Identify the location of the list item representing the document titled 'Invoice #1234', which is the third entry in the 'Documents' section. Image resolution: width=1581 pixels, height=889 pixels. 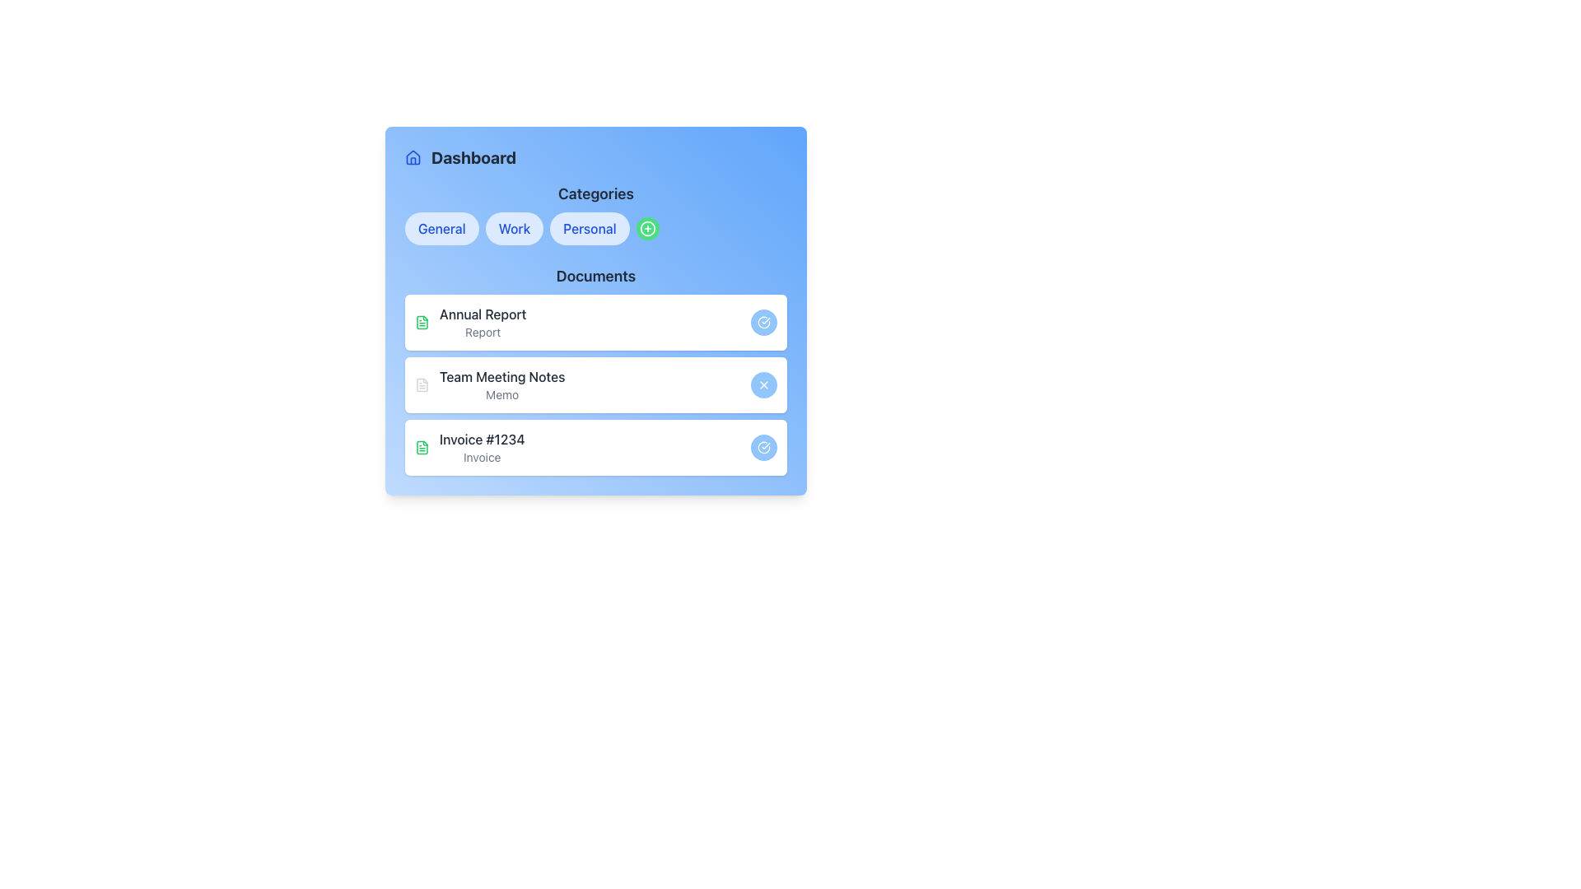
(469, 447).